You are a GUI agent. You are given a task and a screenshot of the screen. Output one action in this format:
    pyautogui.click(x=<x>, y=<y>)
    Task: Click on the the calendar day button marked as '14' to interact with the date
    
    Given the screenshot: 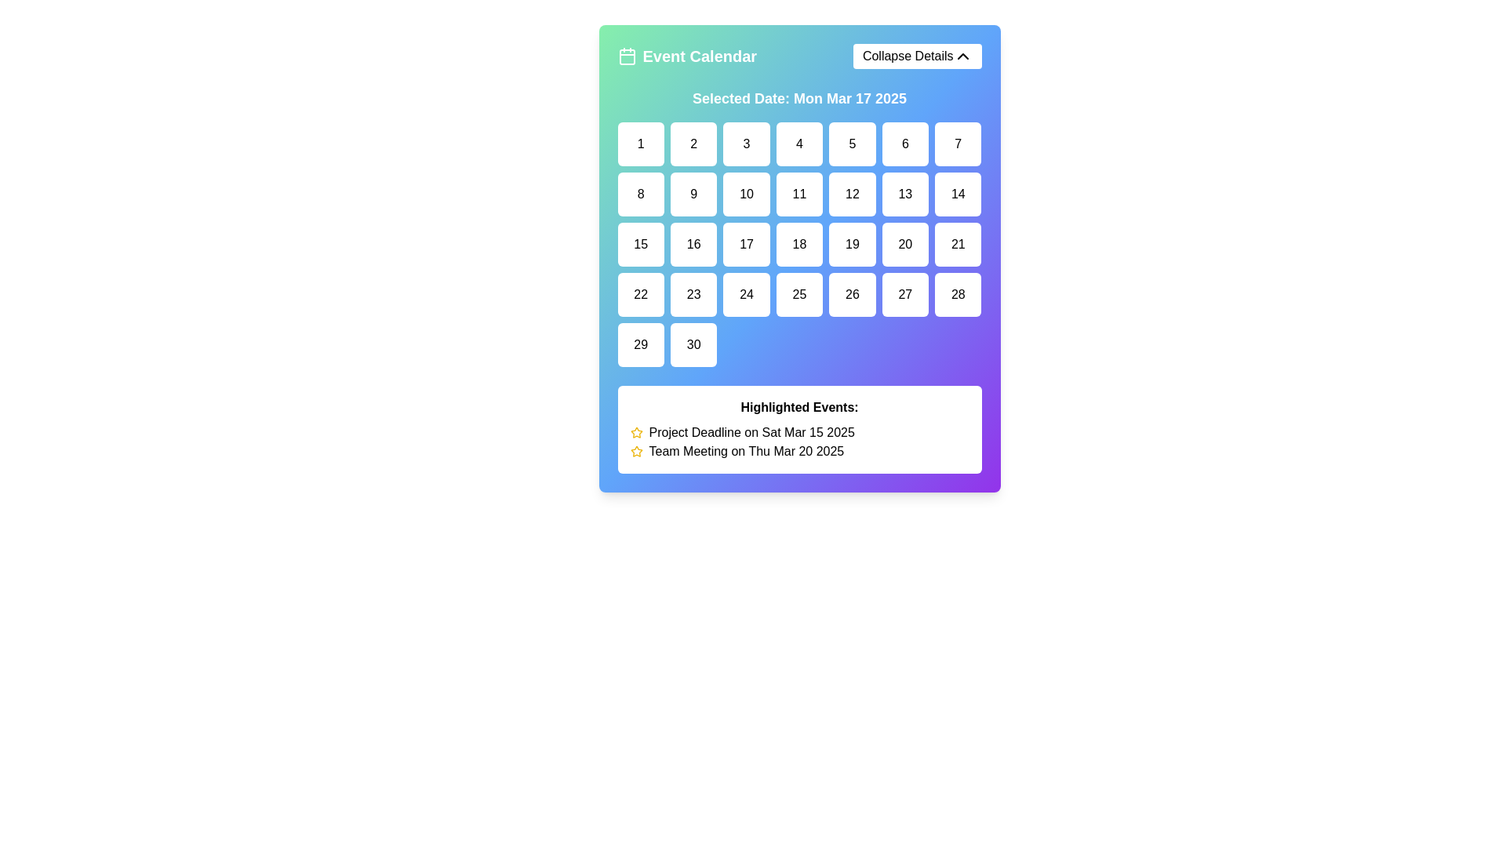 What is the action you would take?
    pyautogui.click(x=957, y=193)
    